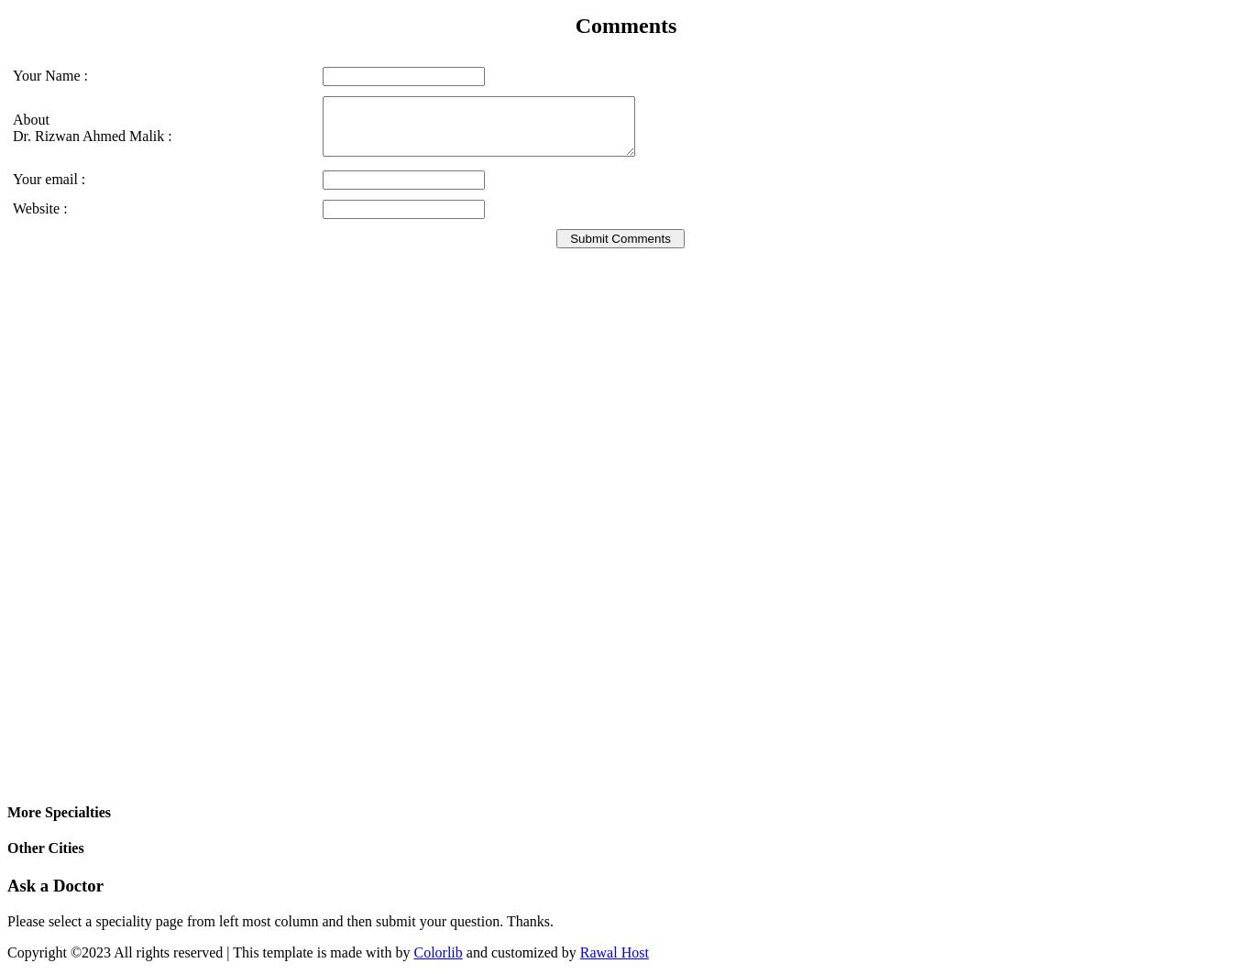  Describe the element at coordinates (39, 208) in the screenshot. I see `'Website :'` at that location.